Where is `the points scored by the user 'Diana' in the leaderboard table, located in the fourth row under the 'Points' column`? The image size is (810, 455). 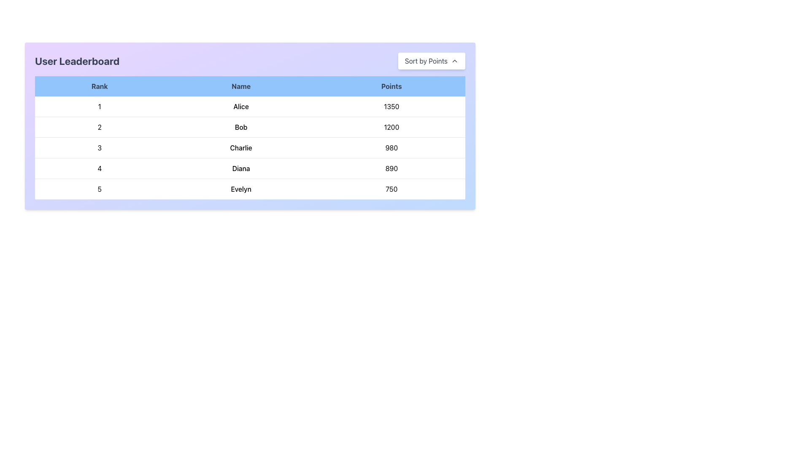 the points scored by the user 'Diana' in the leaderboard table, located in the fourth row under the 'Points' column is located at coordinates (391, 169).